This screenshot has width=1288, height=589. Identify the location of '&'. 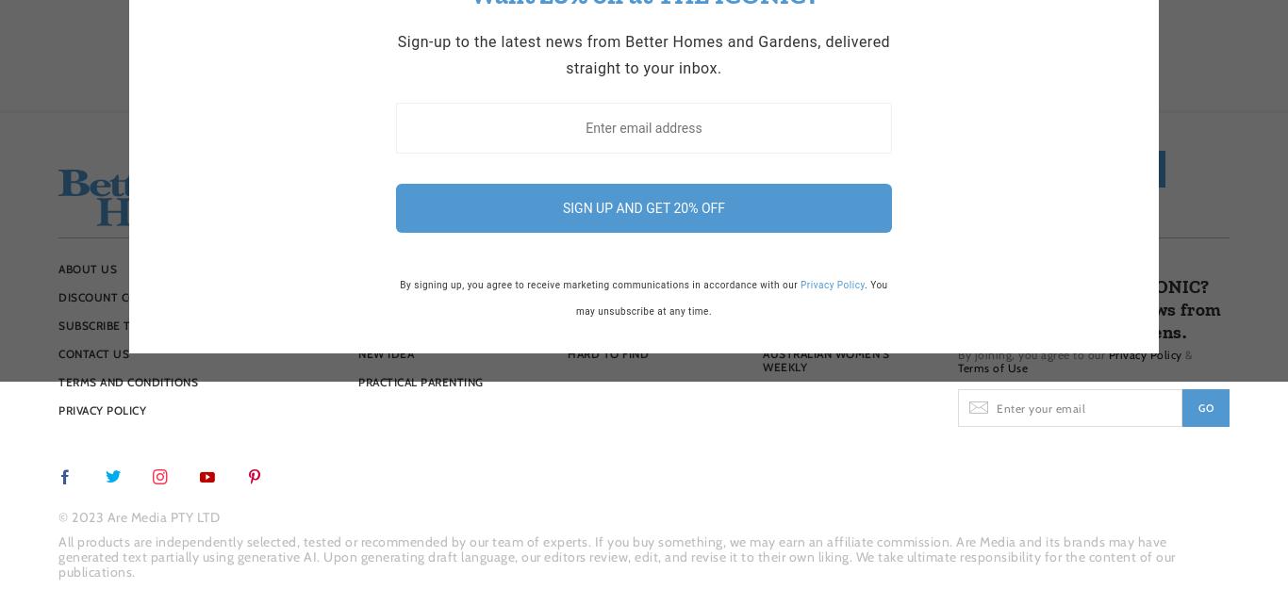
(1185, 353).